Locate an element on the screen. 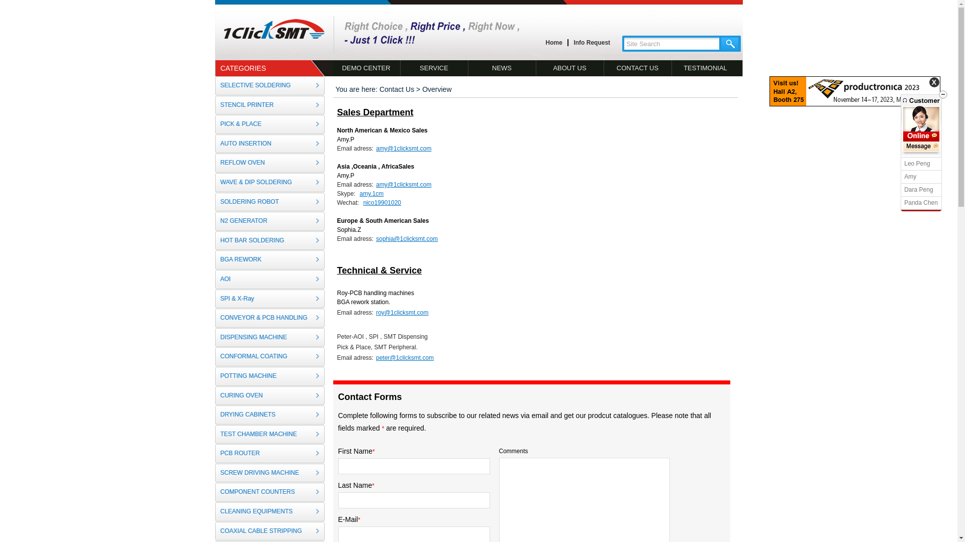 The width and height of the screenshot is (965, 542). 'TEST CHAMBER MACHINE' is located at coordinates (270, 434).